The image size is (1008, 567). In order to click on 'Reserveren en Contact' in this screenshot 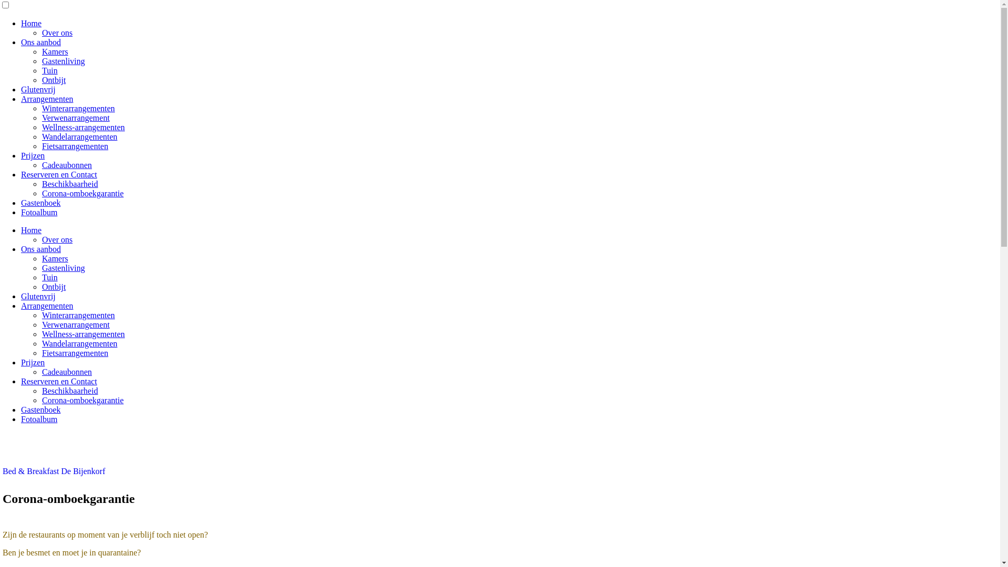, I will do `click(58, 174)`.